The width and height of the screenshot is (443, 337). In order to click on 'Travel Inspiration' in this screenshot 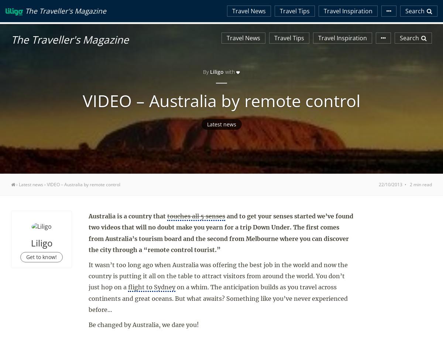, I will do `click(221, 150)`.